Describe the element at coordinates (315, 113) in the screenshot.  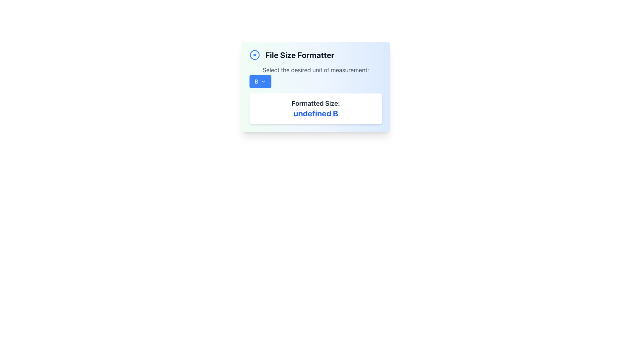
I see `text content of the prominent blue-colored text display that reads 'undefined B', which is located below the text 'Formatted Size:' in a white box with rounded corners` at that location.